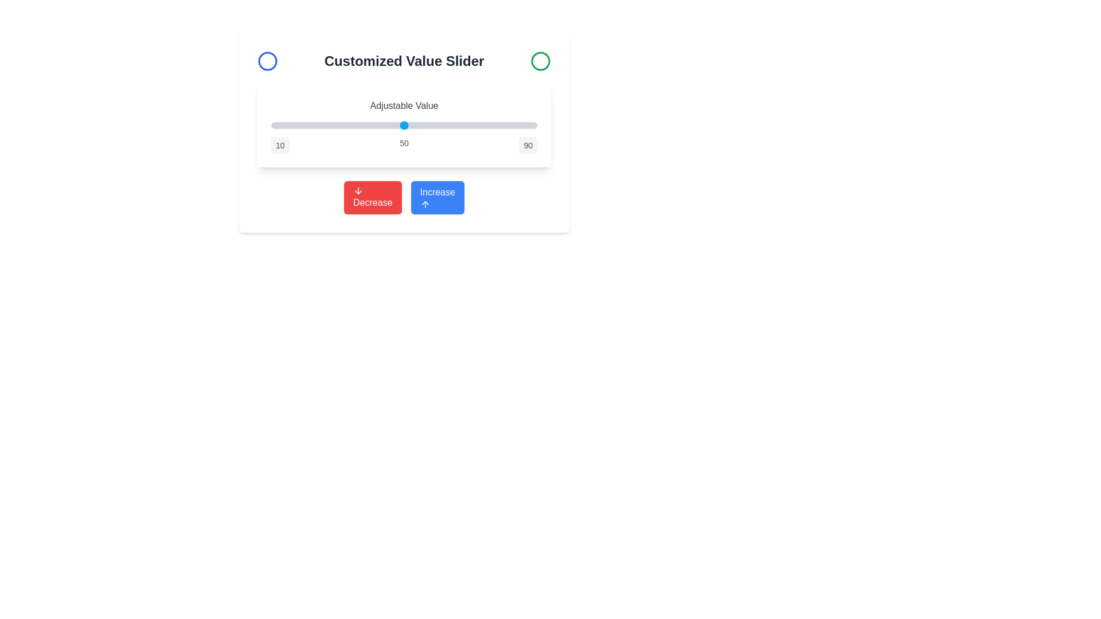 The image size is (1101, 619). Describe the element at coordinates (354, 126) in the screenshot. I see `adjustable value` at that location.